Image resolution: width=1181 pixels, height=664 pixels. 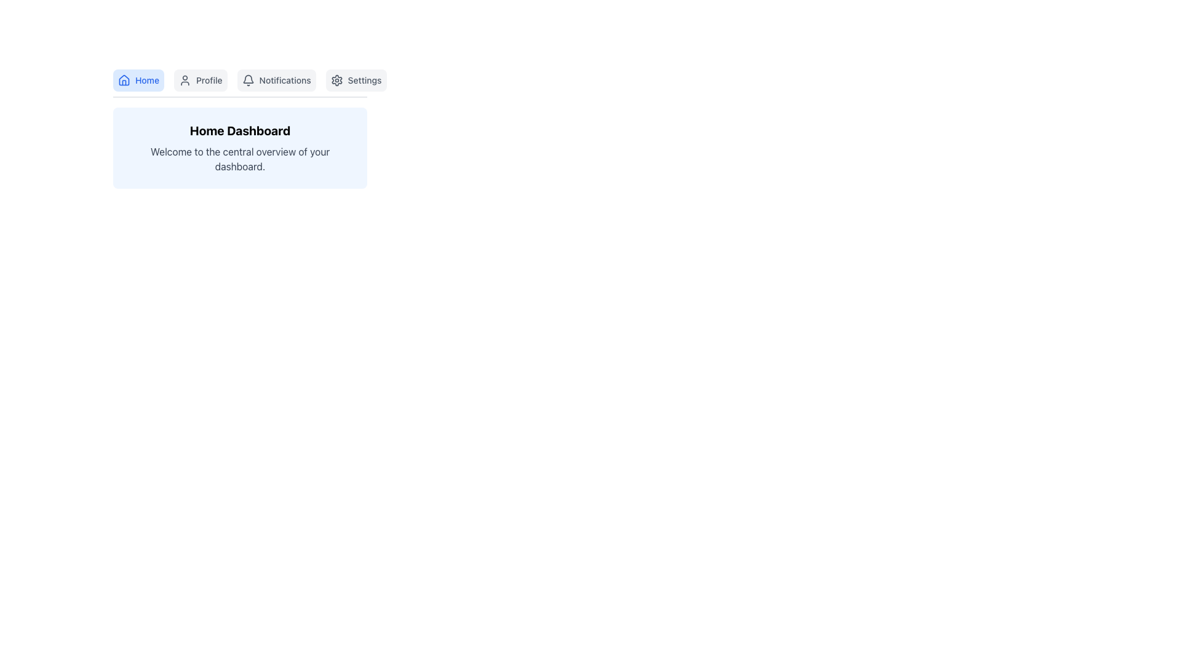 I want to click on the Profile button by targeting the user silhouette icon located to the left of the text 'Profile' in the navigation bar, so click(x=185, y=81).